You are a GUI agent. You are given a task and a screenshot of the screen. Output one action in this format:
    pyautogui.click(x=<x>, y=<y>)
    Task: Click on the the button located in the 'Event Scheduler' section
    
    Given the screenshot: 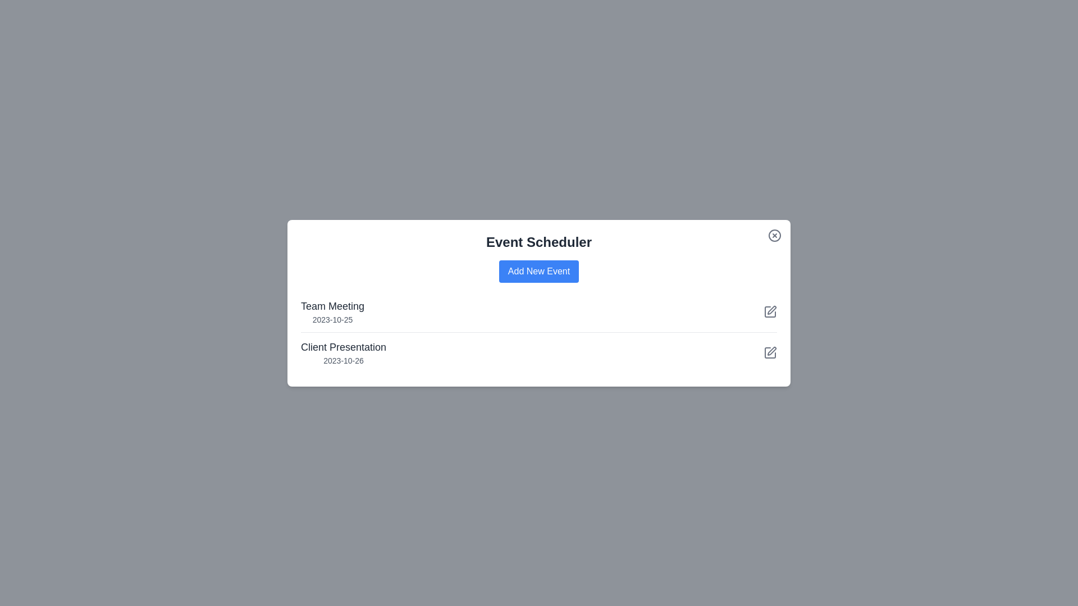 What is the action you would take?
    pyautogui.click(x=539, y=271)
    